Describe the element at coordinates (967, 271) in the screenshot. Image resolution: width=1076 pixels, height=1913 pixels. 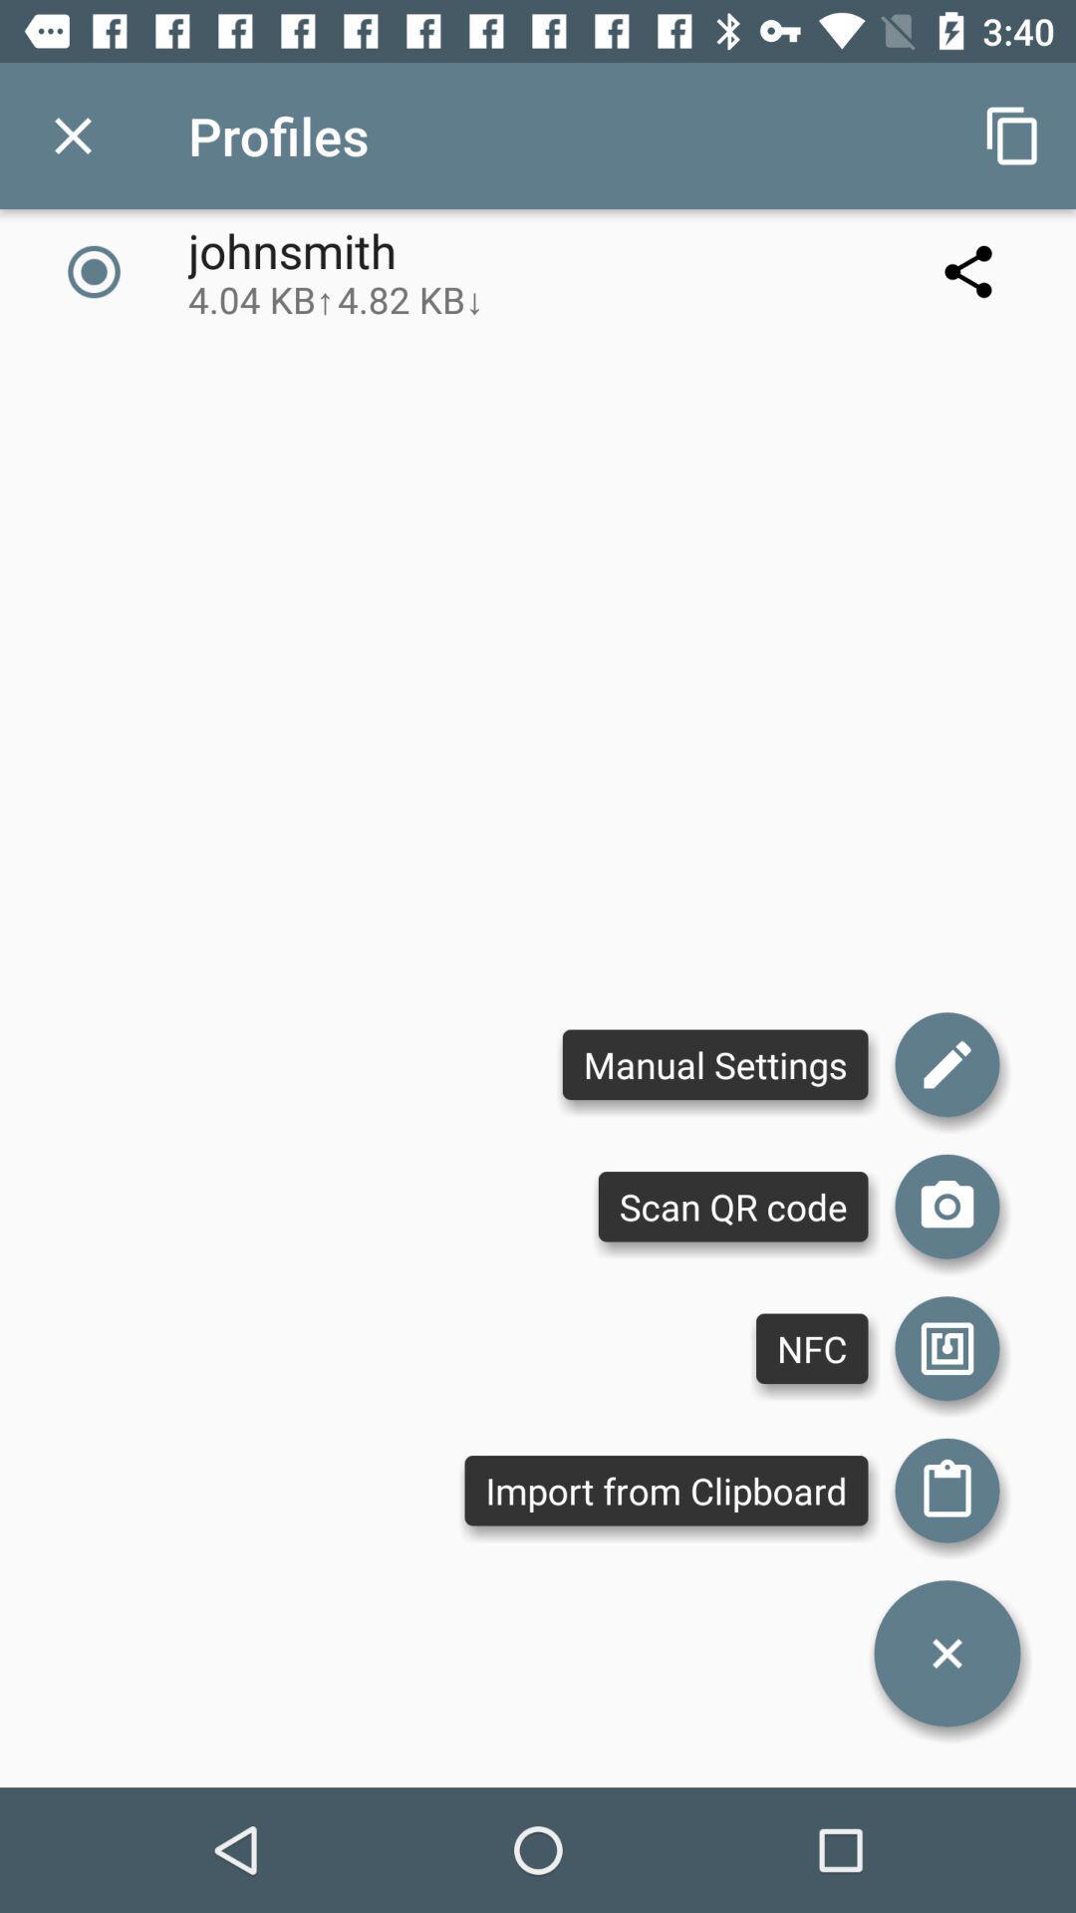
I see `the icon next to the johnsmith 4 04 icon` at that location.